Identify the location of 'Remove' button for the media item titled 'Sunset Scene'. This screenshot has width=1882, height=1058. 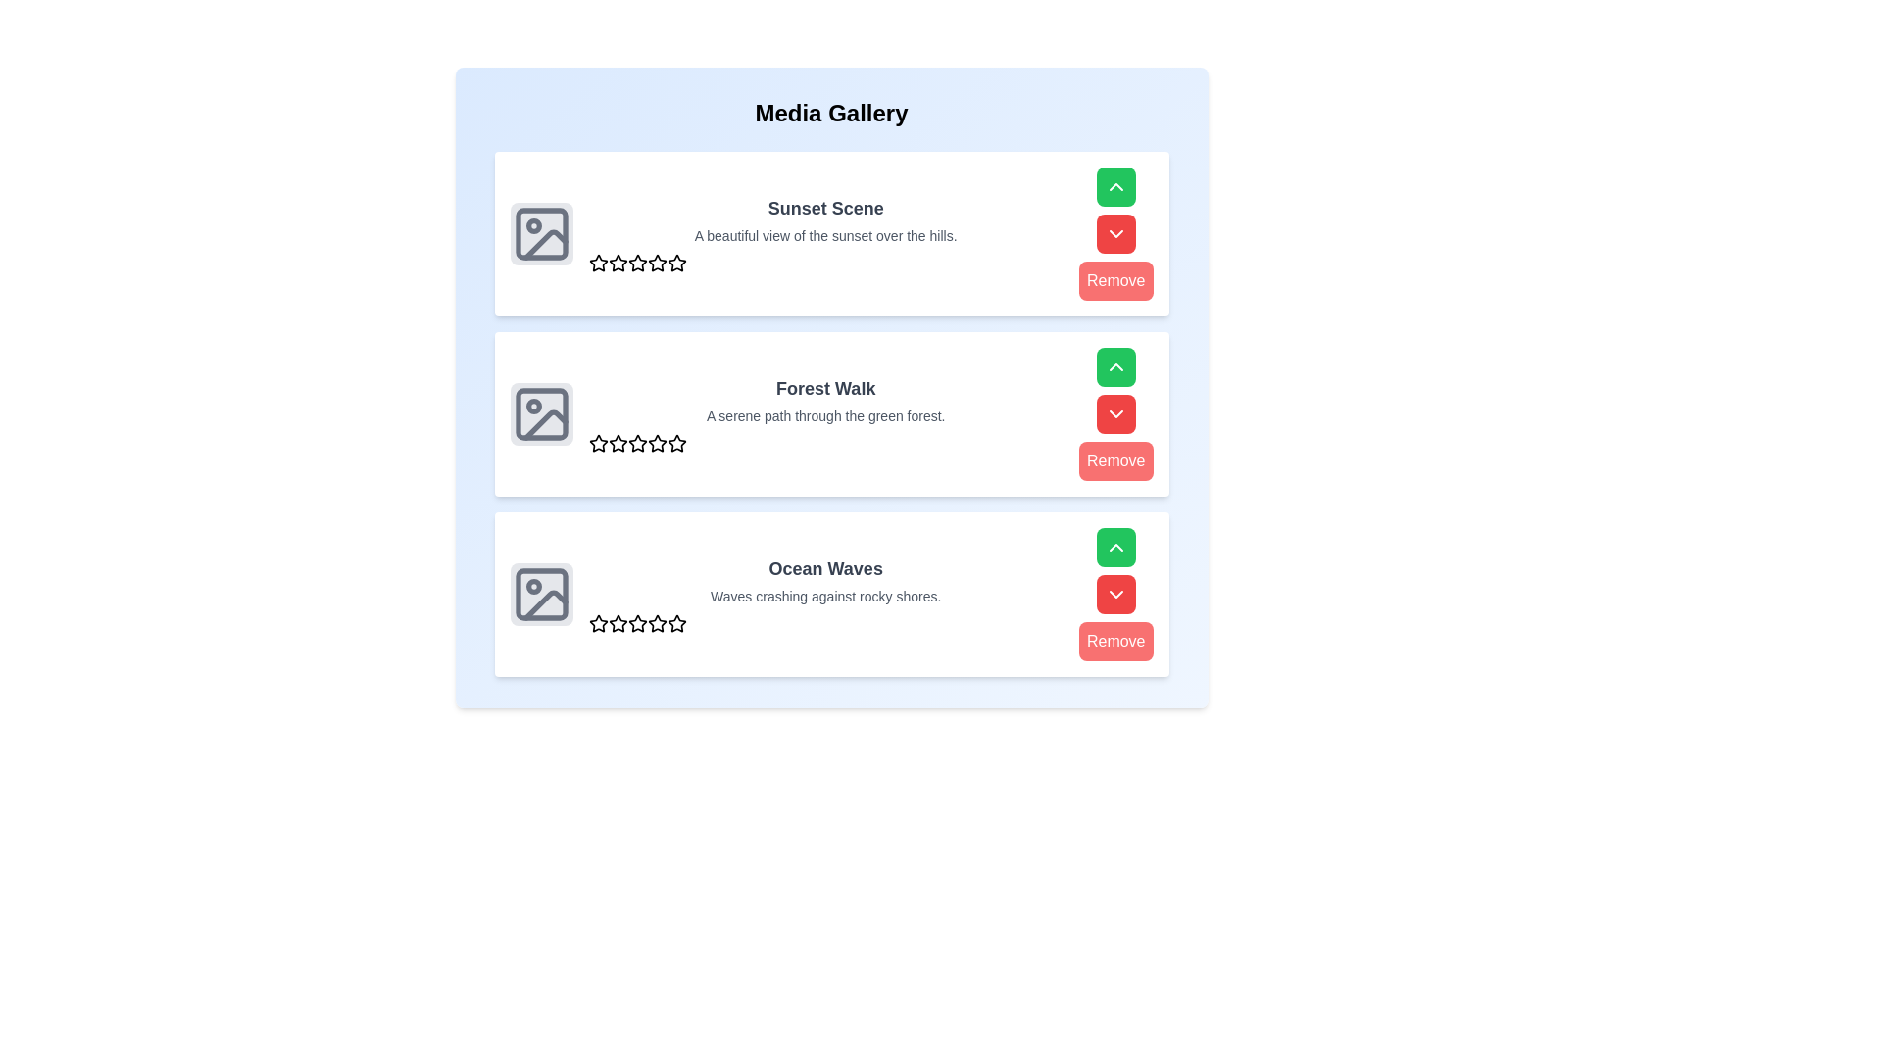
(1115, 280).